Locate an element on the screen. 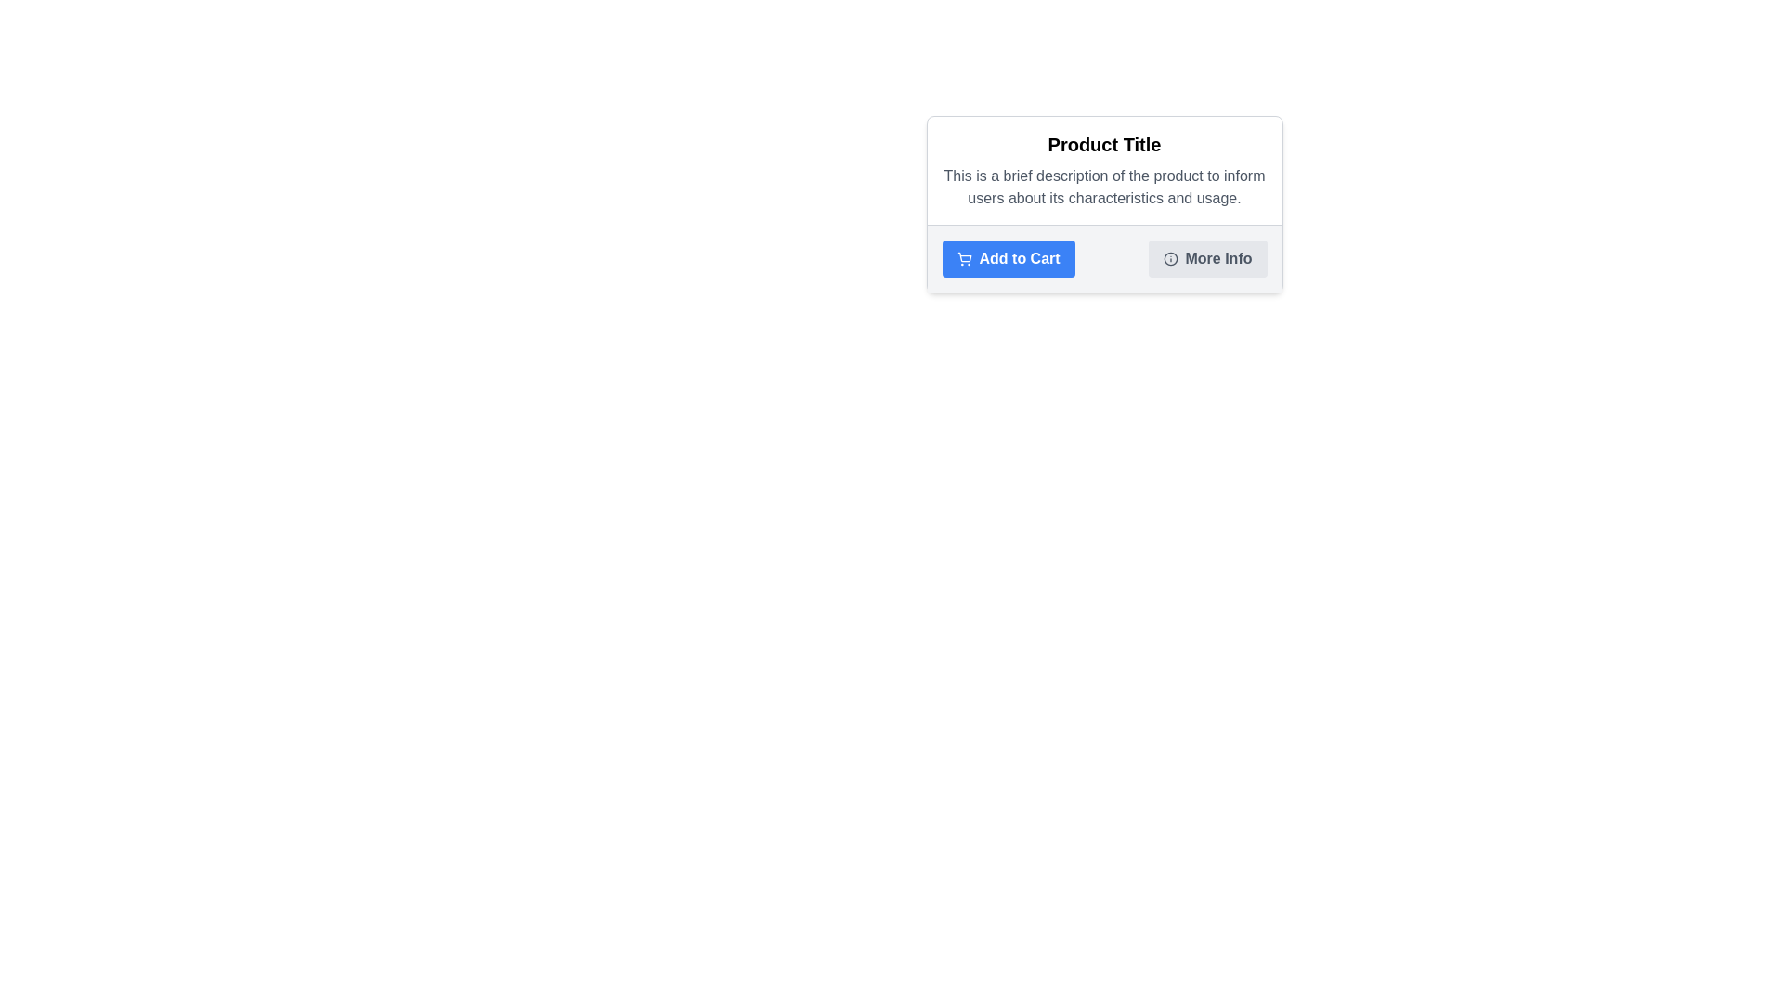 The image size is (1783, 1003). the informational icon located to the left of the 'More Info' button, which is vertically centered within the button is located at coordinates (1169, 258).